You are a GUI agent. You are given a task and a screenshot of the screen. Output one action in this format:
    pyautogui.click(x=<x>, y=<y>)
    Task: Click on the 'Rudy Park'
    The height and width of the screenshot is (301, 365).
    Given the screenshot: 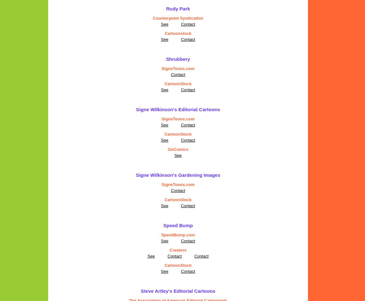 What is the action you would take?
    pyautogui.click(x=178, y=9)
    